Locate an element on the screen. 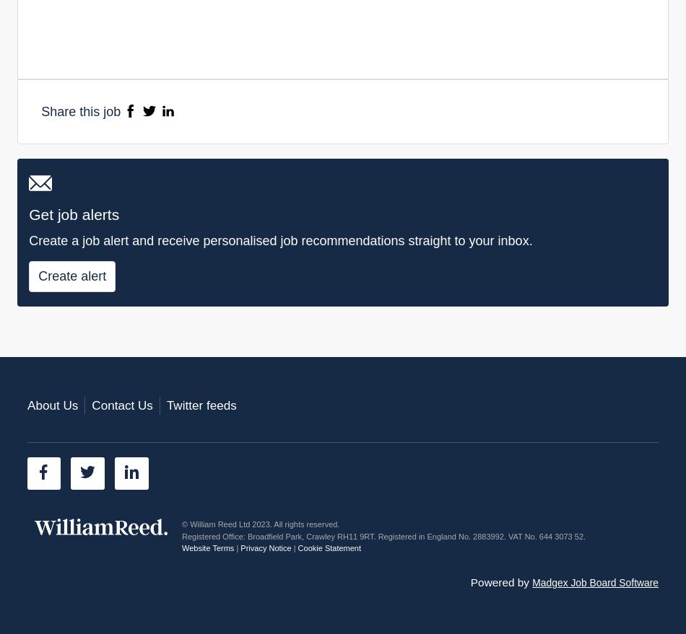 This screenshot has height=634, width=686. 'Registered Office: Broadfield Park, Crawley RH11 9RT. Registered in England No. 2883992. VAT No. 644 3073 52.' is located at coordinates (383, 535).